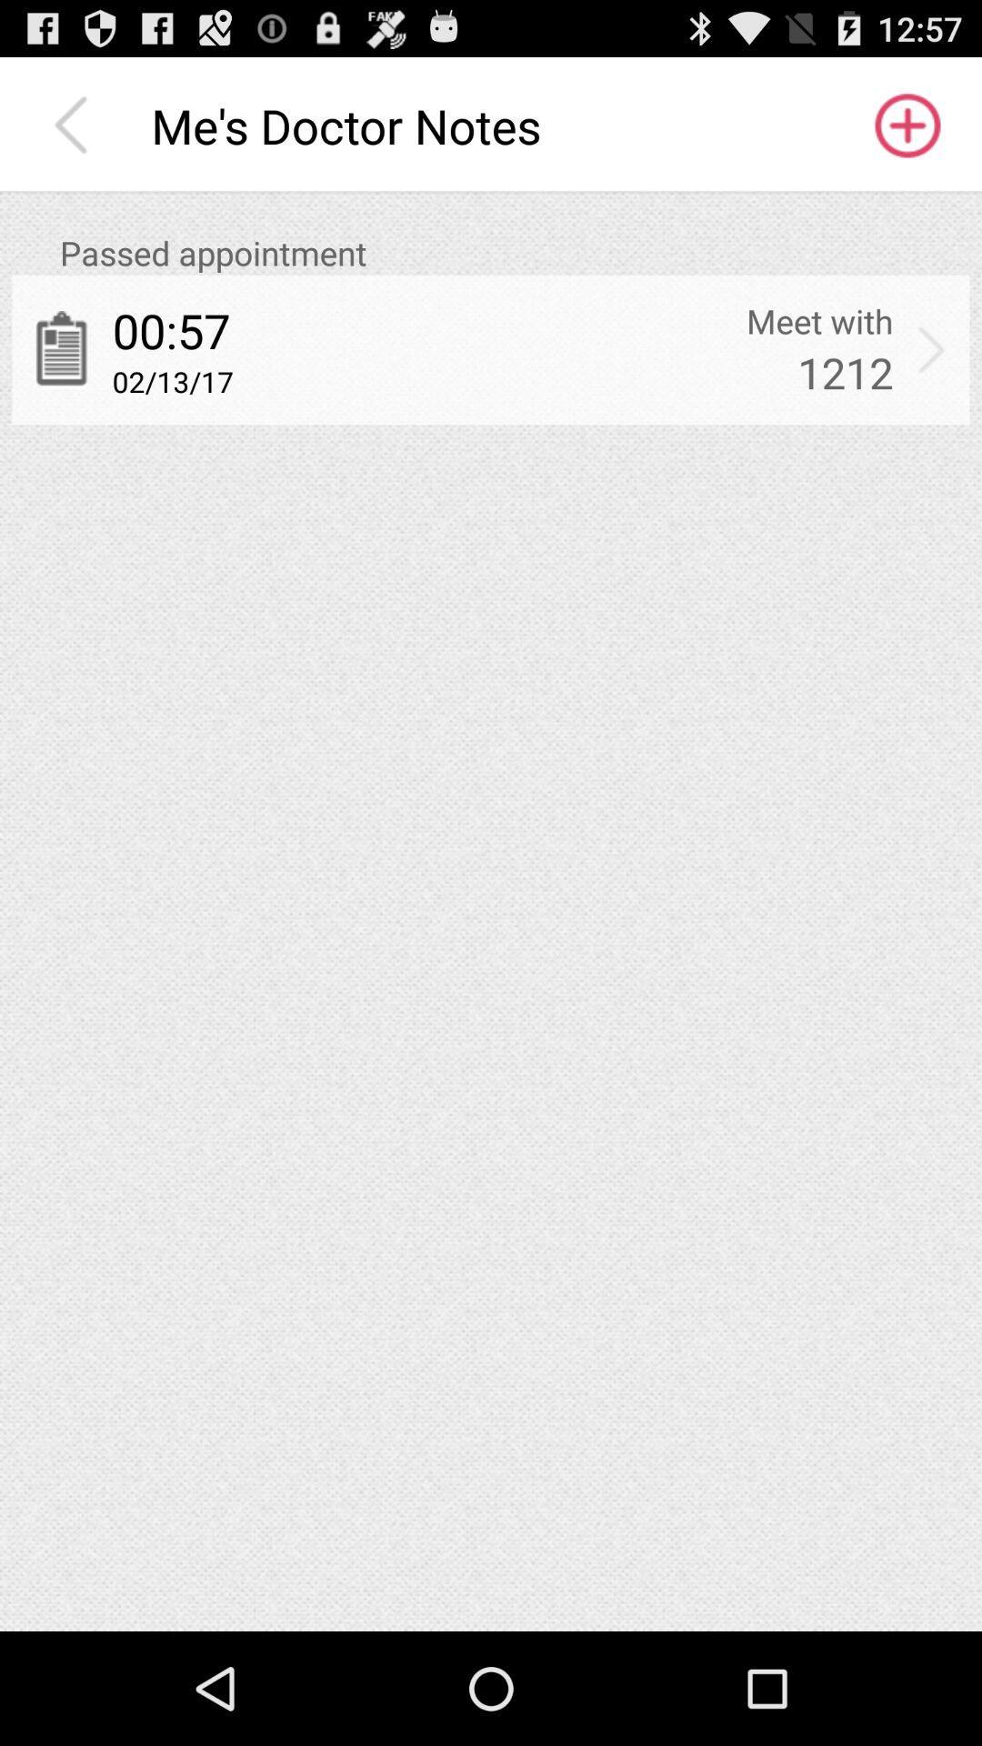 The width and height of the screenshot is (982, 1746). Describe the element at coordinates (75, 125) in the screenshot. I see `icon next to me s doctor icon` at that location.